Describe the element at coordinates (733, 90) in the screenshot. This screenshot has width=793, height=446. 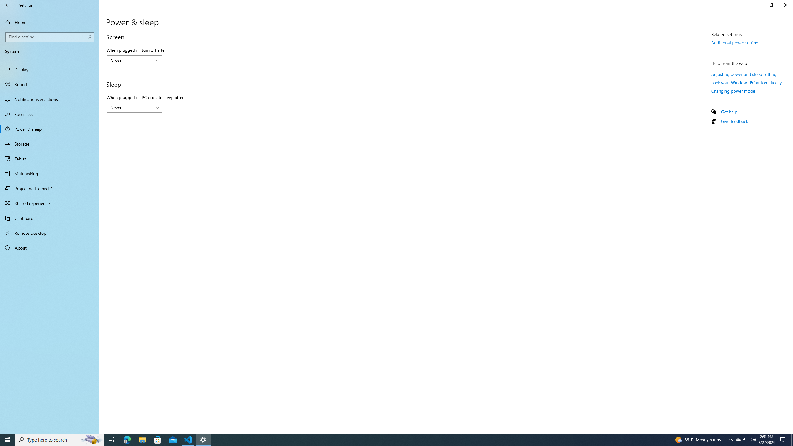
I see `'Changing power mode'` at that location.